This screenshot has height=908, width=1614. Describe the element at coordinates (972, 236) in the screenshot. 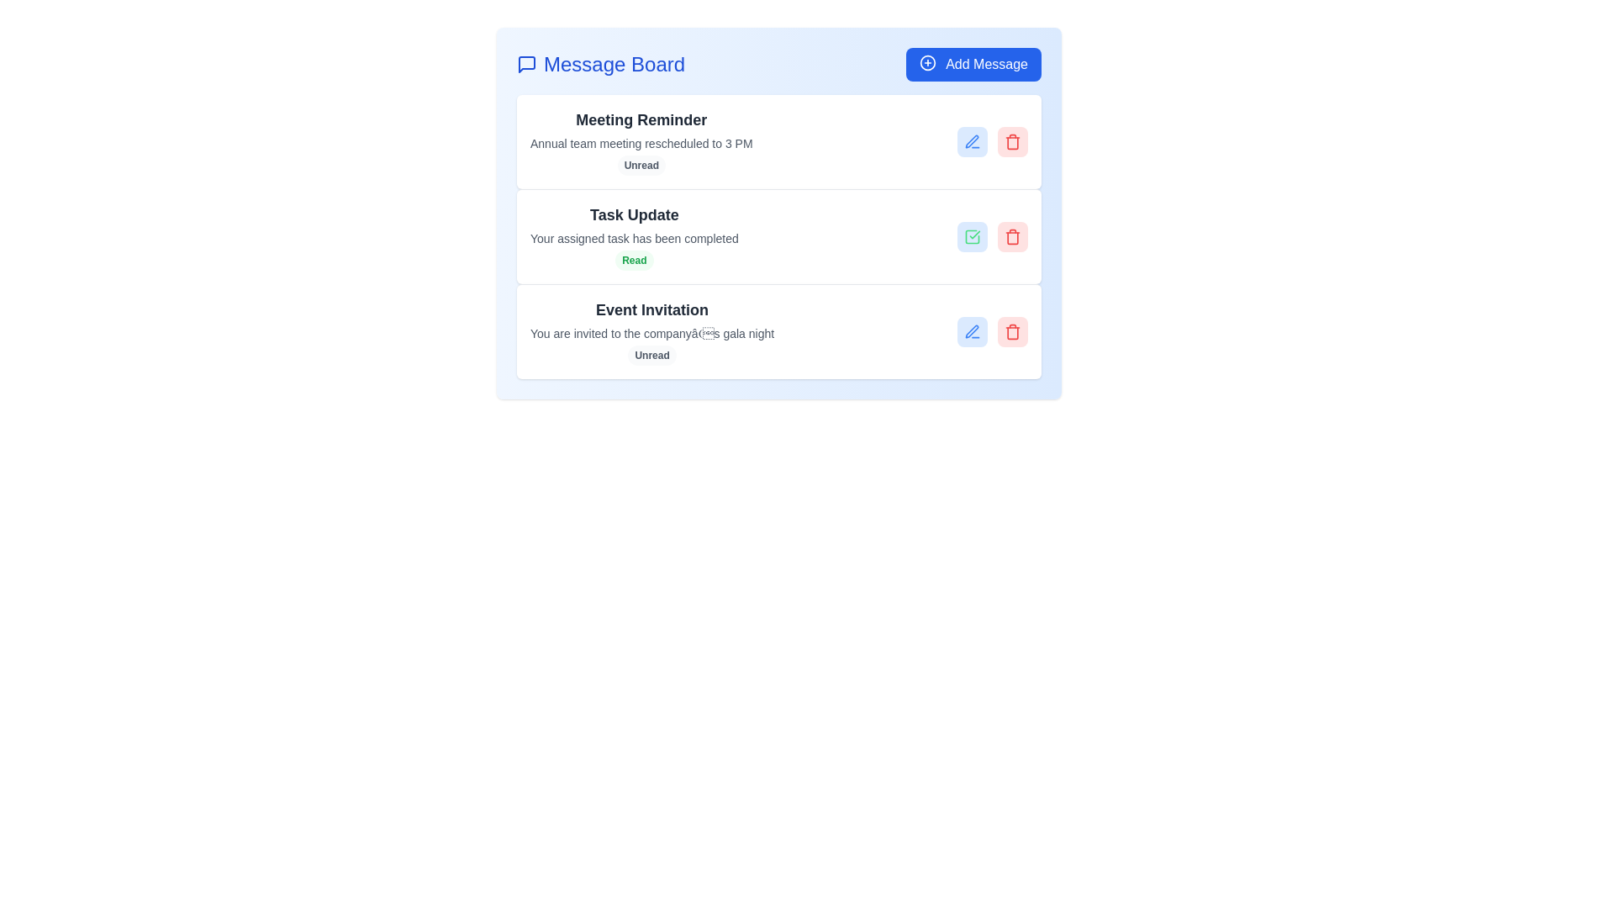

I see `the Status icon, which is a square-shaped icon with a checkmark inside, styled with a green outline and a white background, located to the right of the 'Task Update' text in the 'Message Board' section` at that location.